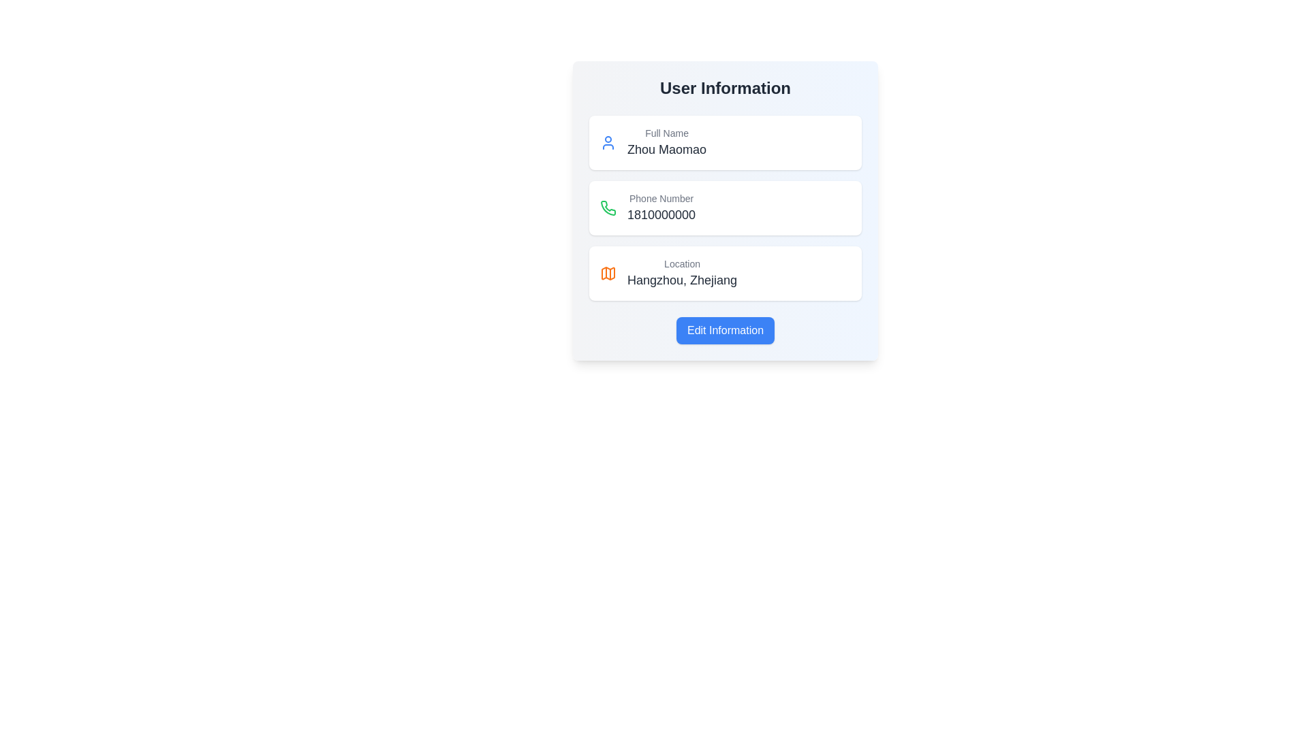 The width and height of the screenshot is (1308, 735). I want to click on the Informational card displaying the user's location information, which is the third card in a vertical sequence within the modal dialog box, so click(725, 273).